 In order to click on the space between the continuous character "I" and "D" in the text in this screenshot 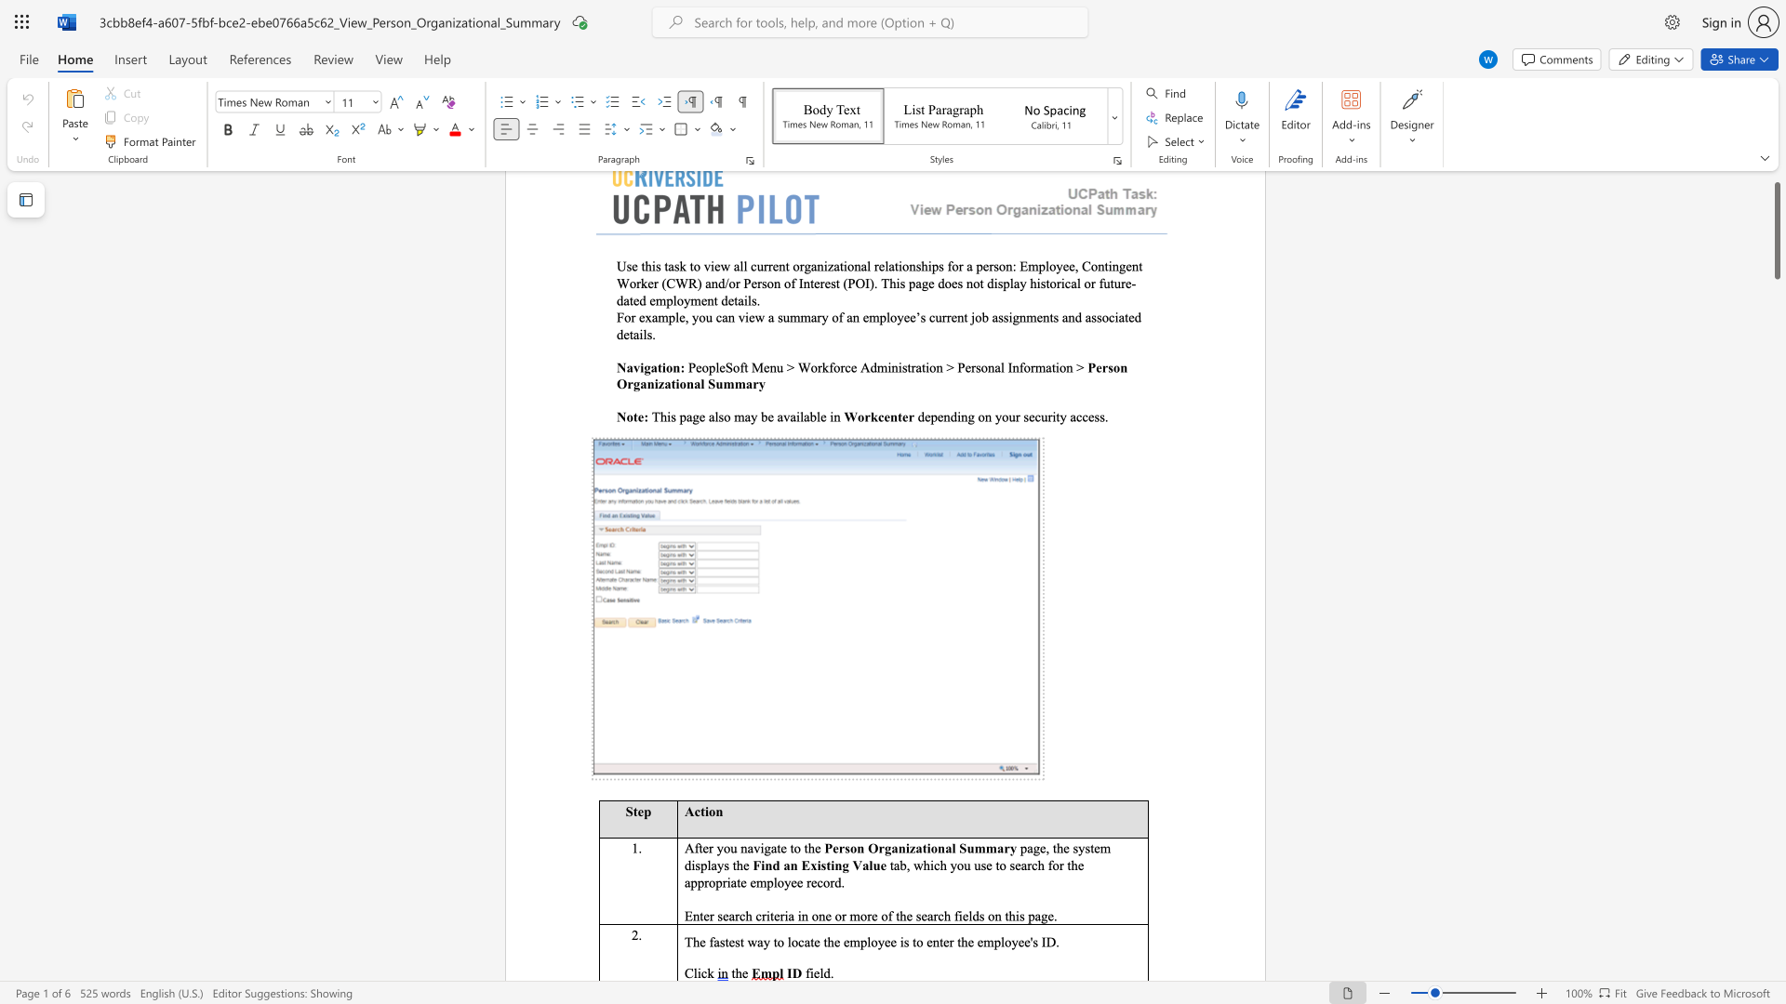, I will do `click(1047, 942)`.